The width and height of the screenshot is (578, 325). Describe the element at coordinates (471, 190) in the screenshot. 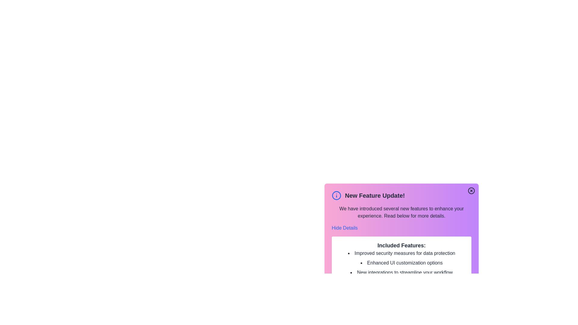

I see `close button located at the top-right corner of the alert` at that location.